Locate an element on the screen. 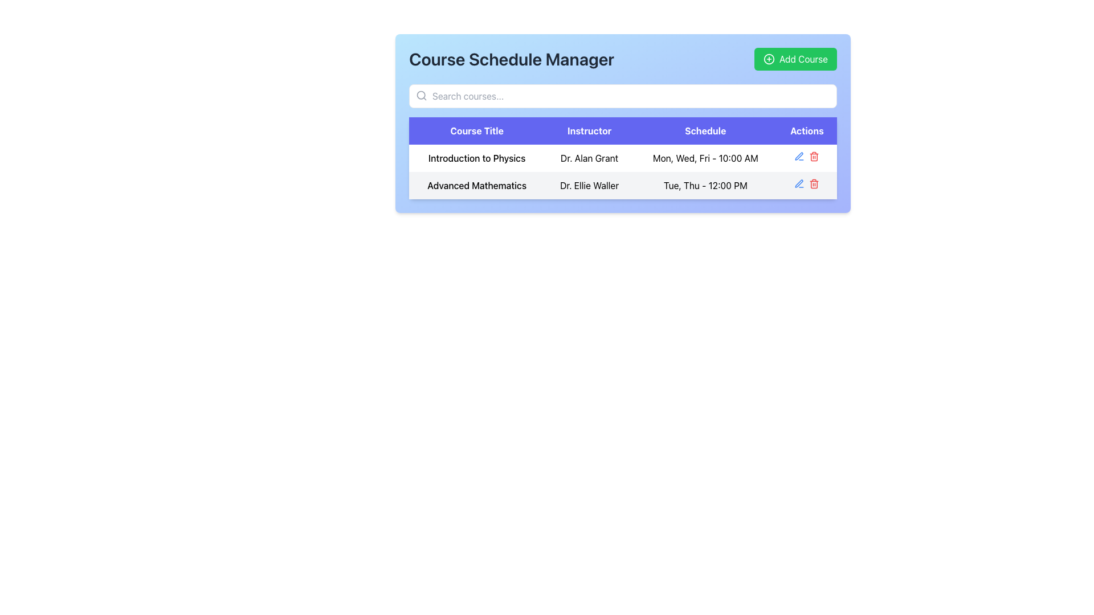 Image resolution: width=1094 pixels, height=615 pixels. the pen-shaped icon located in the second row of the 'Actions' column for the 'Advanced Mathematics' course to initiate course editing is located at coordinates (799, 156).